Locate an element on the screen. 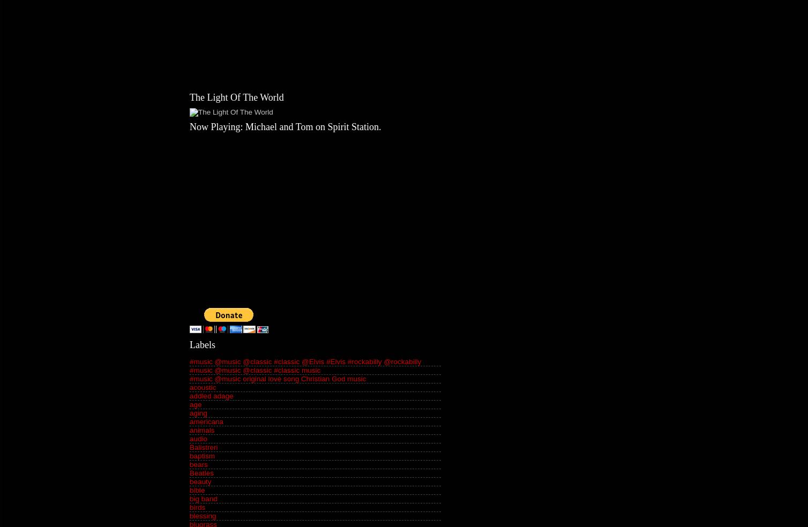 The height and width of the screenshot is (527, 808). 'age' is located at coordinates (194, 404).